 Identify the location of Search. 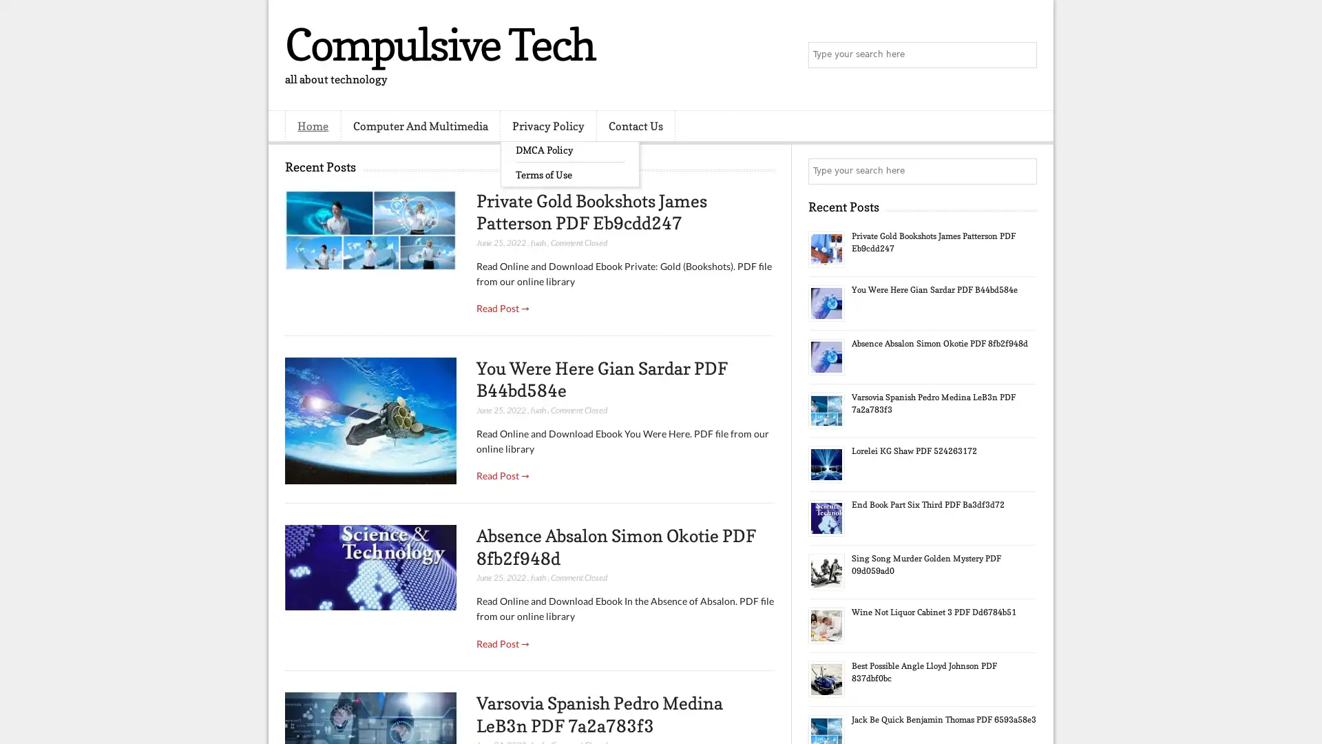
(1022, 171).